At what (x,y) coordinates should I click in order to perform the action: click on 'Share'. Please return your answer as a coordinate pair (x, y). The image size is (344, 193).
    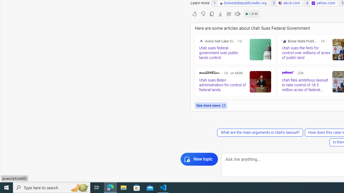
    Looking at the image, I should click on (229, 13).